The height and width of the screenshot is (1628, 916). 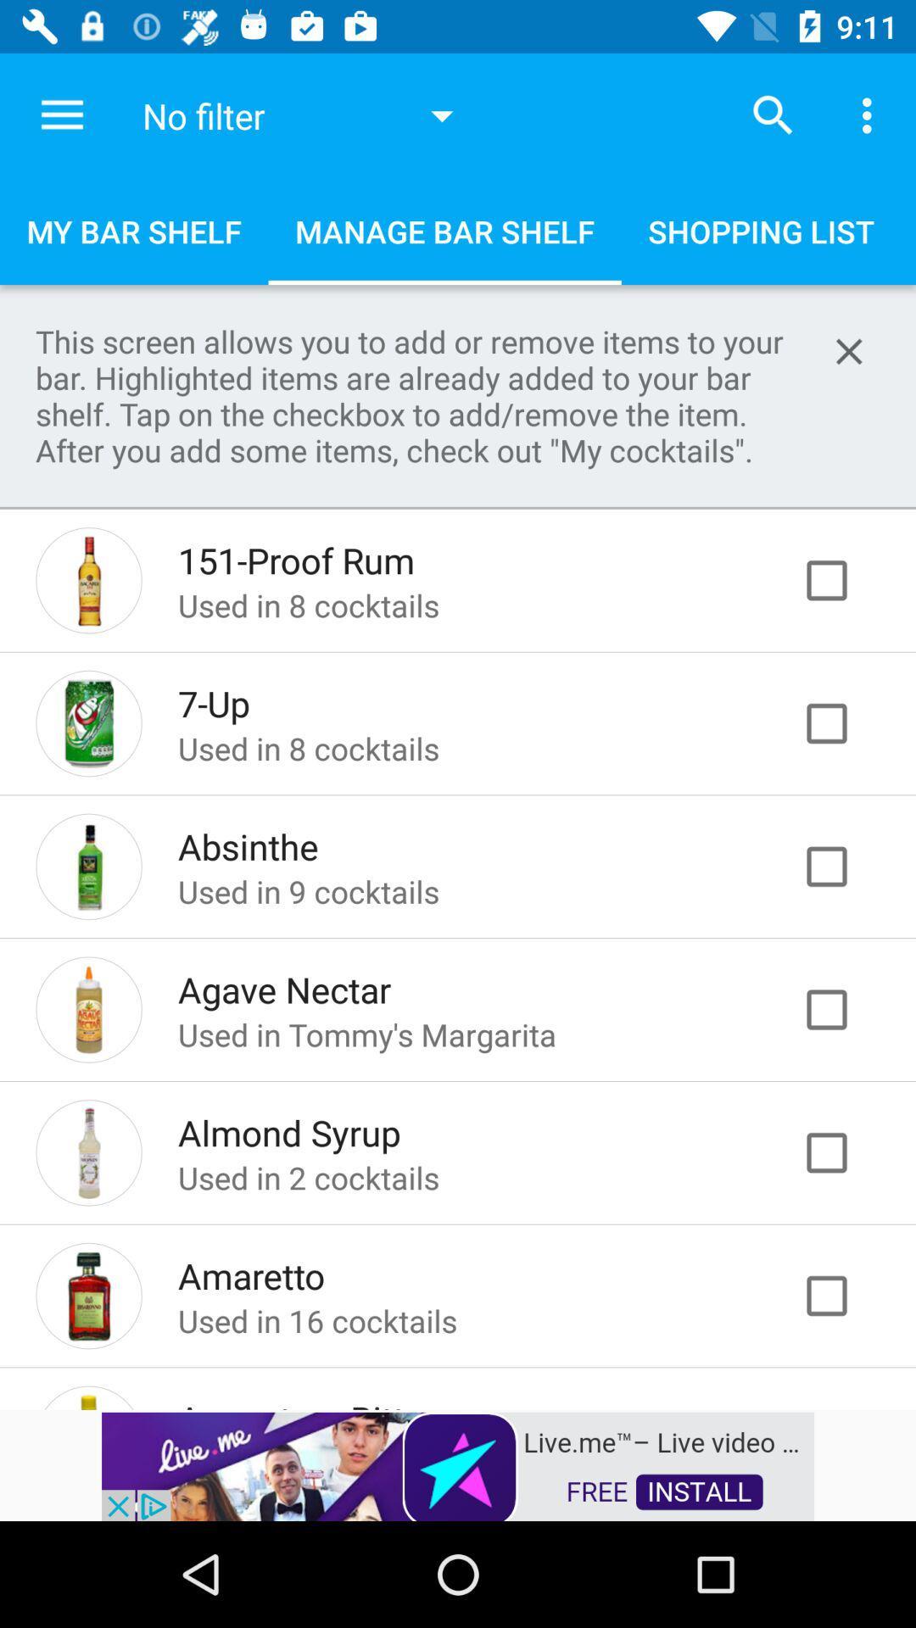 What do you see at coordinates (844, 1295) in the screenshot?
I see `advertisement` at bounding box center [844, 1295].